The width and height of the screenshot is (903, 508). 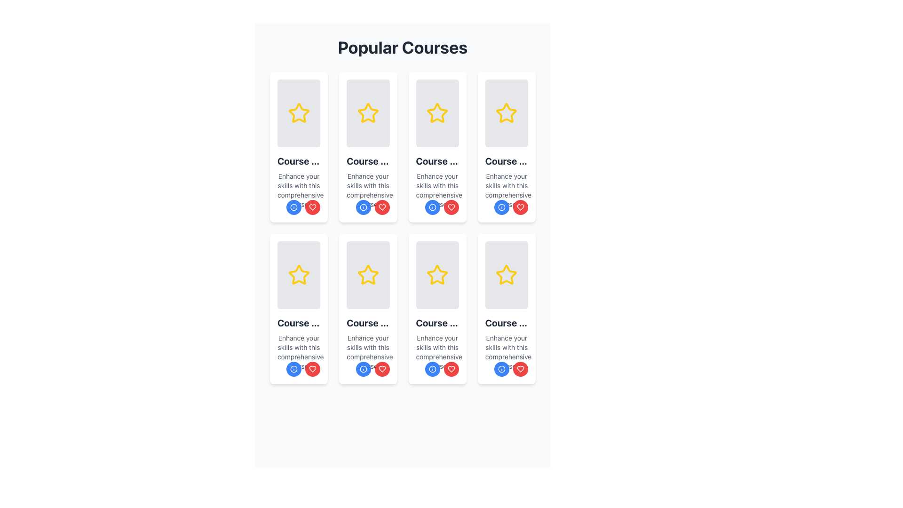 What do you see at coordinates (367, 352) in the screenshot?
I see `informational text snippet that reads 'Enhance your skills with this comprehensive course.' located below the title 'Course Title 6' in the sixth course card description` at bounding box center [367, 352].